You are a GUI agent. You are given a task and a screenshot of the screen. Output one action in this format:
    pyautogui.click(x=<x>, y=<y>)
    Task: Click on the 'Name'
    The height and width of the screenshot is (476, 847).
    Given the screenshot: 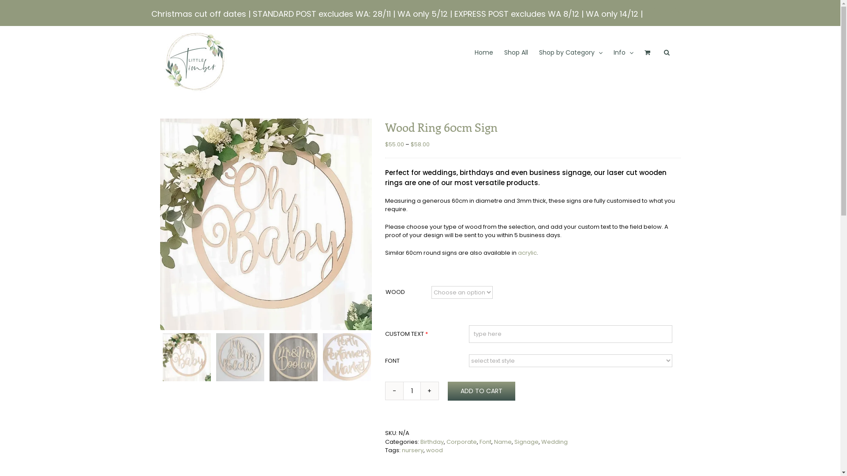 What is the action you would take?
    pyautogui.click(x=503, y=441)
    